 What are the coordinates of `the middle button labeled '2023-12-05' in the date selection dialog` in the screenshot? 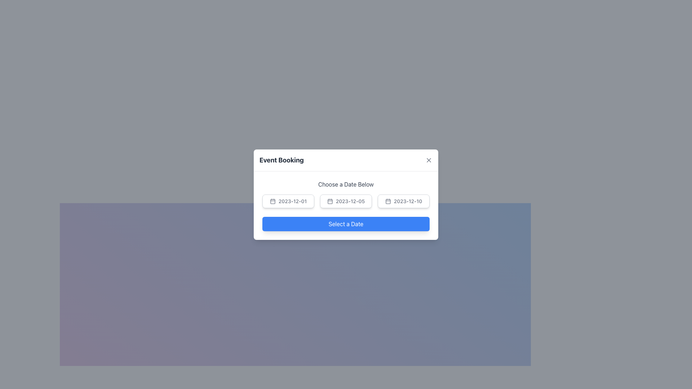 It's located at (346, 205).